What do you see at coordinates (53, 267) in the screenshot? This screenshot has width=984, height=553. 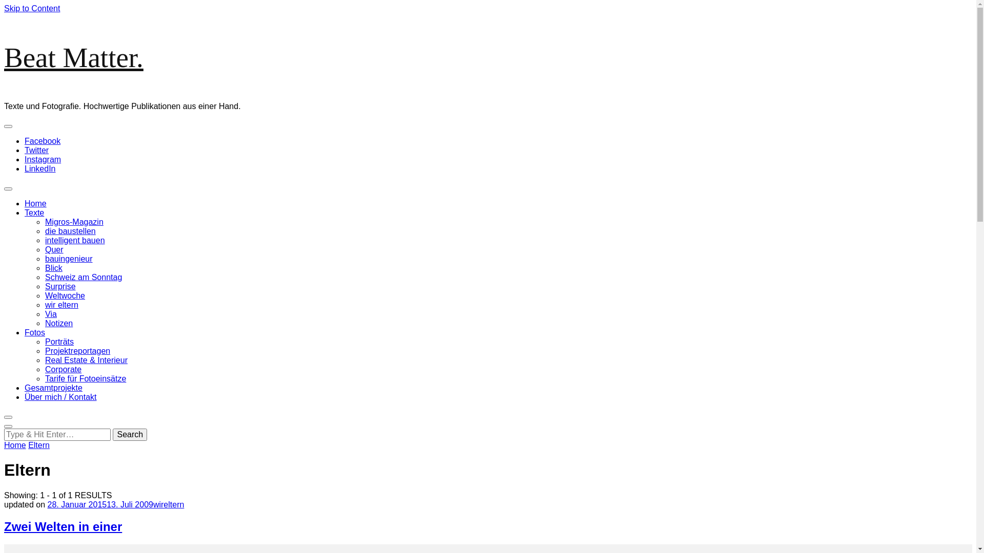 I see `'Blick'` at bounding box center [53, 267].